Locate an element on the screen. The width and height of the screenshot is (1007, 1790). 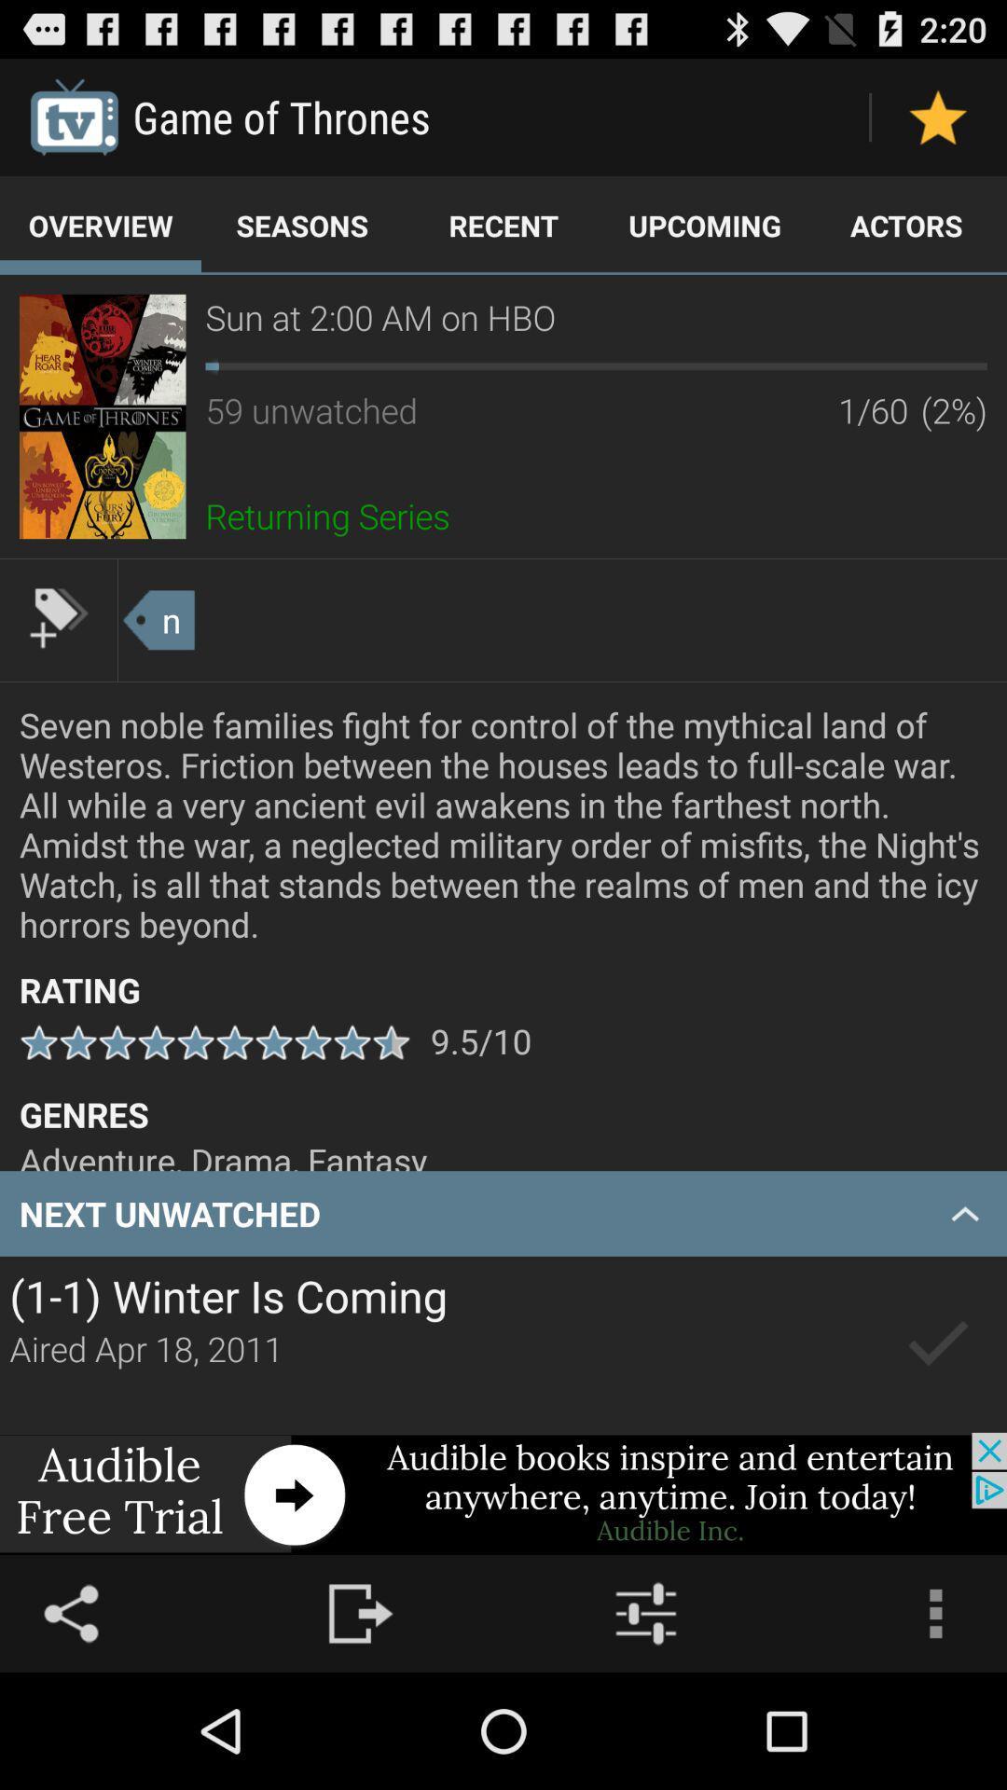
advertisement is located at coordinates (103, 415).